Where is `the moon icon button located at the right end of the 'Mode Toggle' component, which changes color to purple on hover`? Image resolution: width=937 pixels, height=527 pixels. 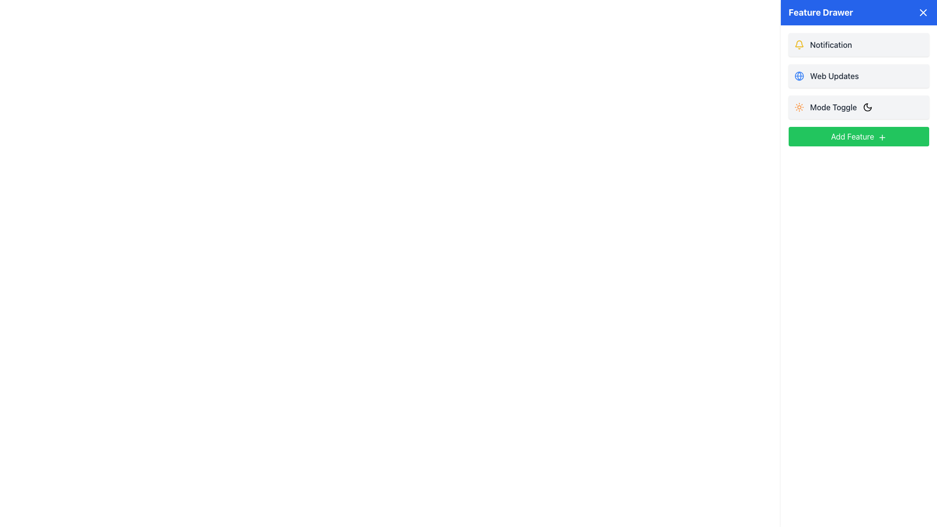 the moon icon button located at the right end of the 'Mode Toggle' component, which changes color to purple on hover is located at coordinates (867, 107).